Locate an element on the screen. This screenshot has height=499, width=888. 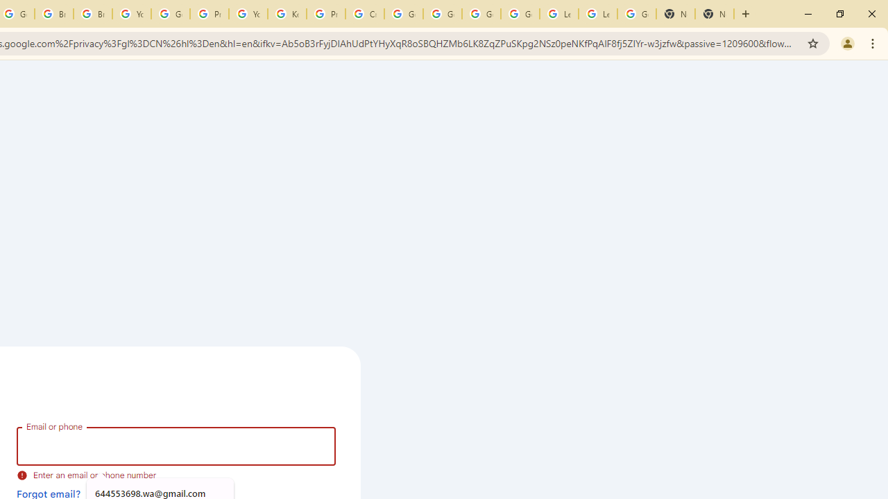
'Email or phone' is located at coordinates (176, 446).